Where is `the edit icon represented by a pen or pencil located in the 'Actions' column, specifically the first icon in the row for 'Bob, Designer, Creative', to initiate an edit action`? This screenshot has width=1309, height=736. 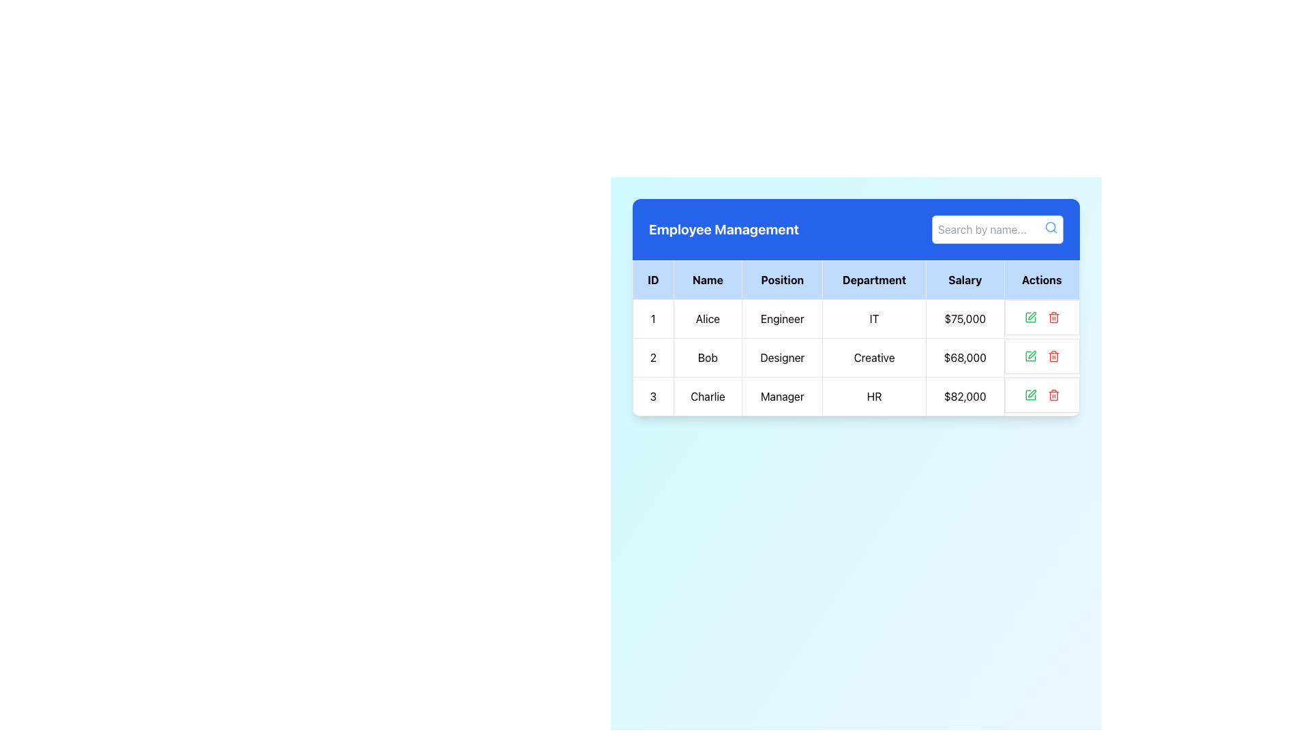
the edit icon represented by a pen or pencil located in the 'Actions' column, specifically the first icon in the row for 'Bob, Designer, Creative', to initiate an edit action is located at coordinates (1032, 354).